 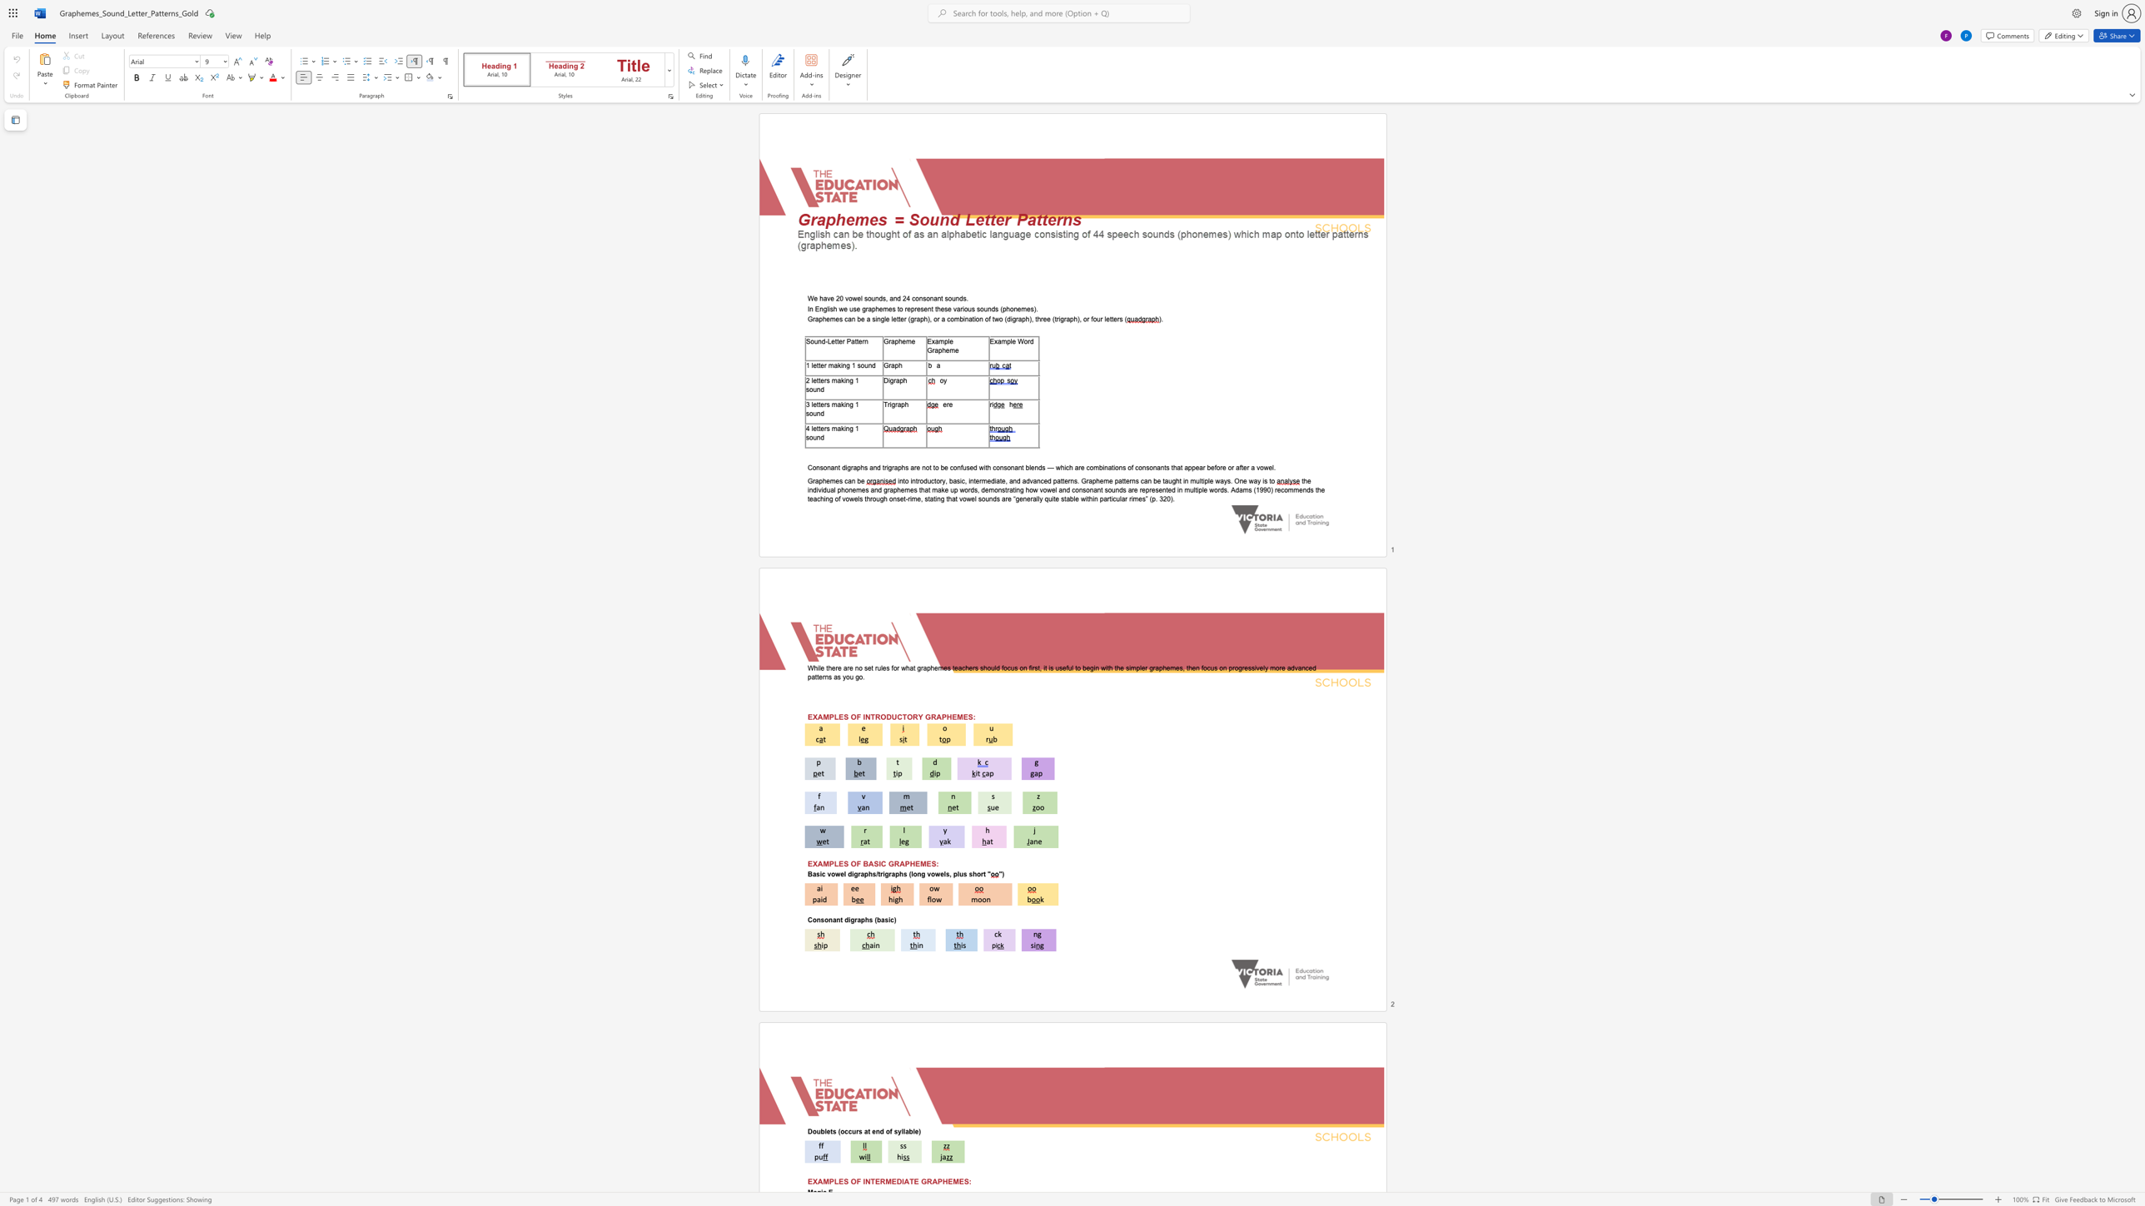 What do you see at coordinates (842, 340) in the screenshot?
I see `the subset text "r Patter" within the text "Sound-Letter Pattern"` at bounding box center [842, 340].